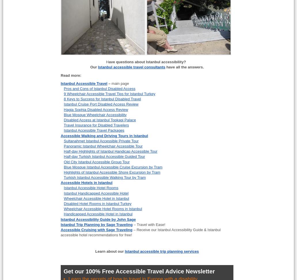 Image resolution: width=297 pixels, height=280 pixels. I want to click on 'have all the answers.', so click(165, 67).